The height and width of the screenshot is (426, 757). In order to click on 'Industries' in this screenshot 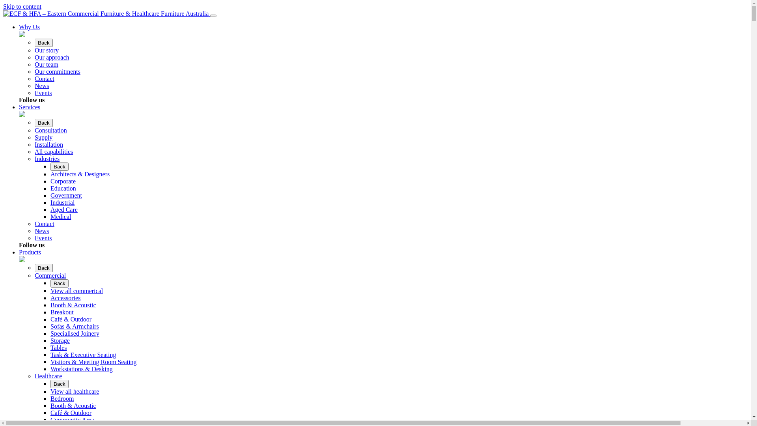, I will do `click(47, 159)`.